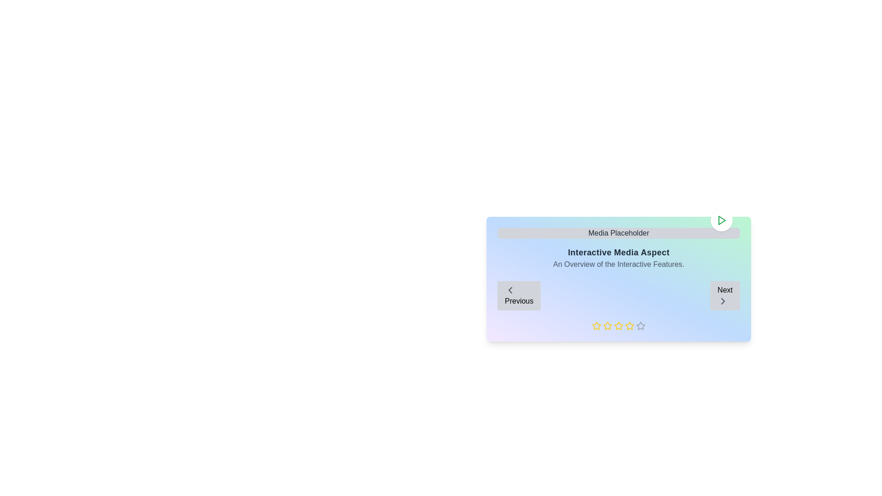 The width and height of the screenshot is (882, 496). I want to click on the centrally positioned Text block that serves as a heading and subheading for the content section, located beneath the placeholder image and above the navigation buttons, so click(619, 258).